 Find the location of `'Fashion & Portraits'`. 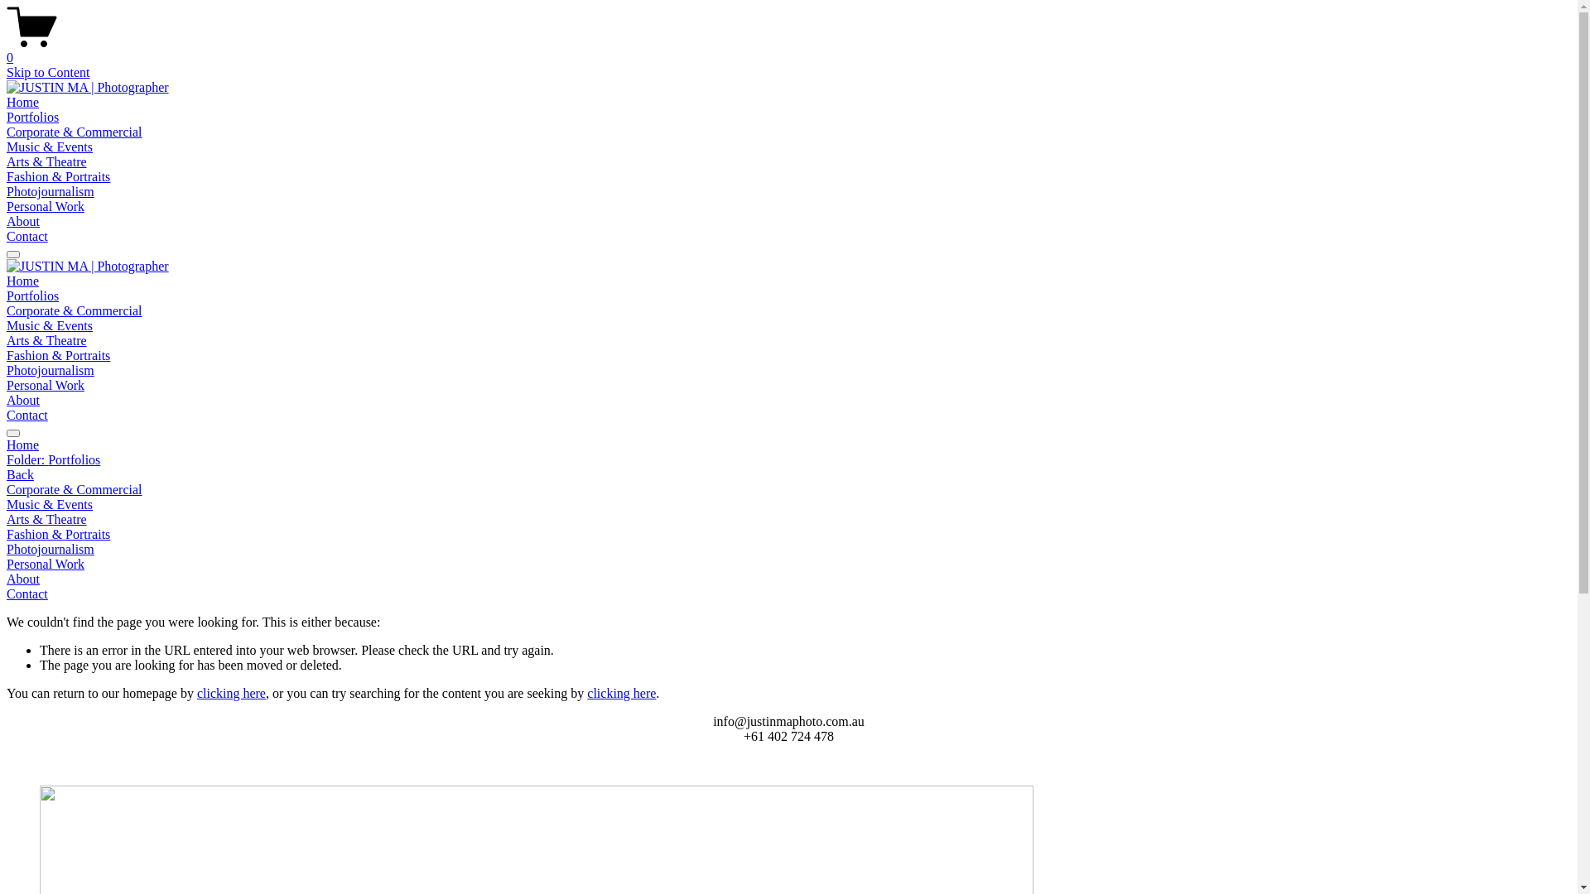

'Fashion & Portraits' is located at coordinates (58, 354).